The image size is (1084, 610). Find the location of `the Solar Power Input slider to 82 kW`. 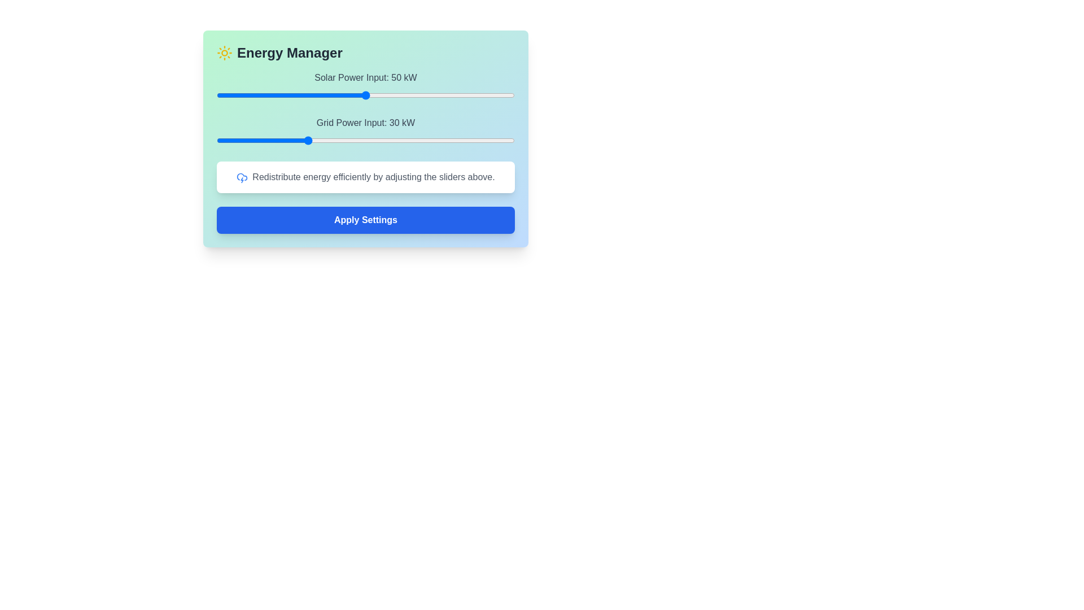

the Solar Power Input slider to 82 kW is located at coordinates (461, 95).